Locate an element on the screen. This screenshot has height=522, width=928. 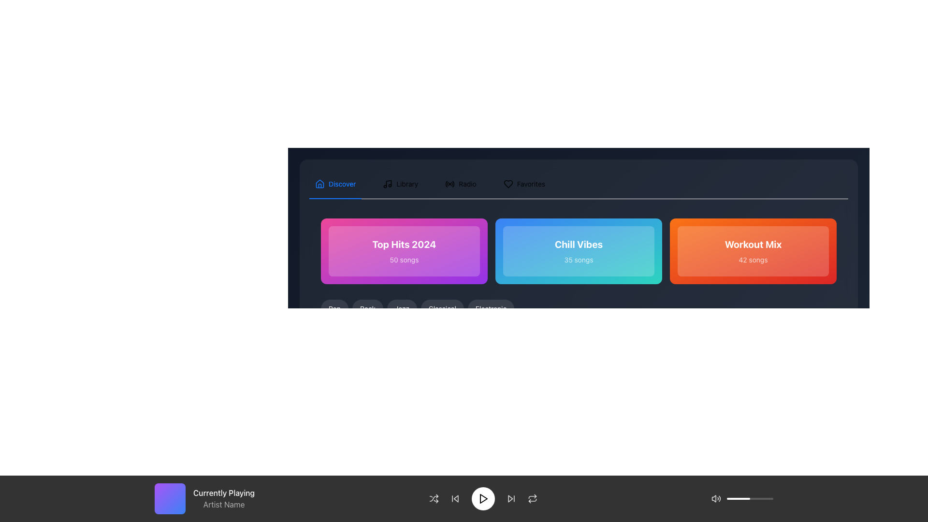
the 'Discover' tab in the Tab Navigation is located at coordinates (429, 184).